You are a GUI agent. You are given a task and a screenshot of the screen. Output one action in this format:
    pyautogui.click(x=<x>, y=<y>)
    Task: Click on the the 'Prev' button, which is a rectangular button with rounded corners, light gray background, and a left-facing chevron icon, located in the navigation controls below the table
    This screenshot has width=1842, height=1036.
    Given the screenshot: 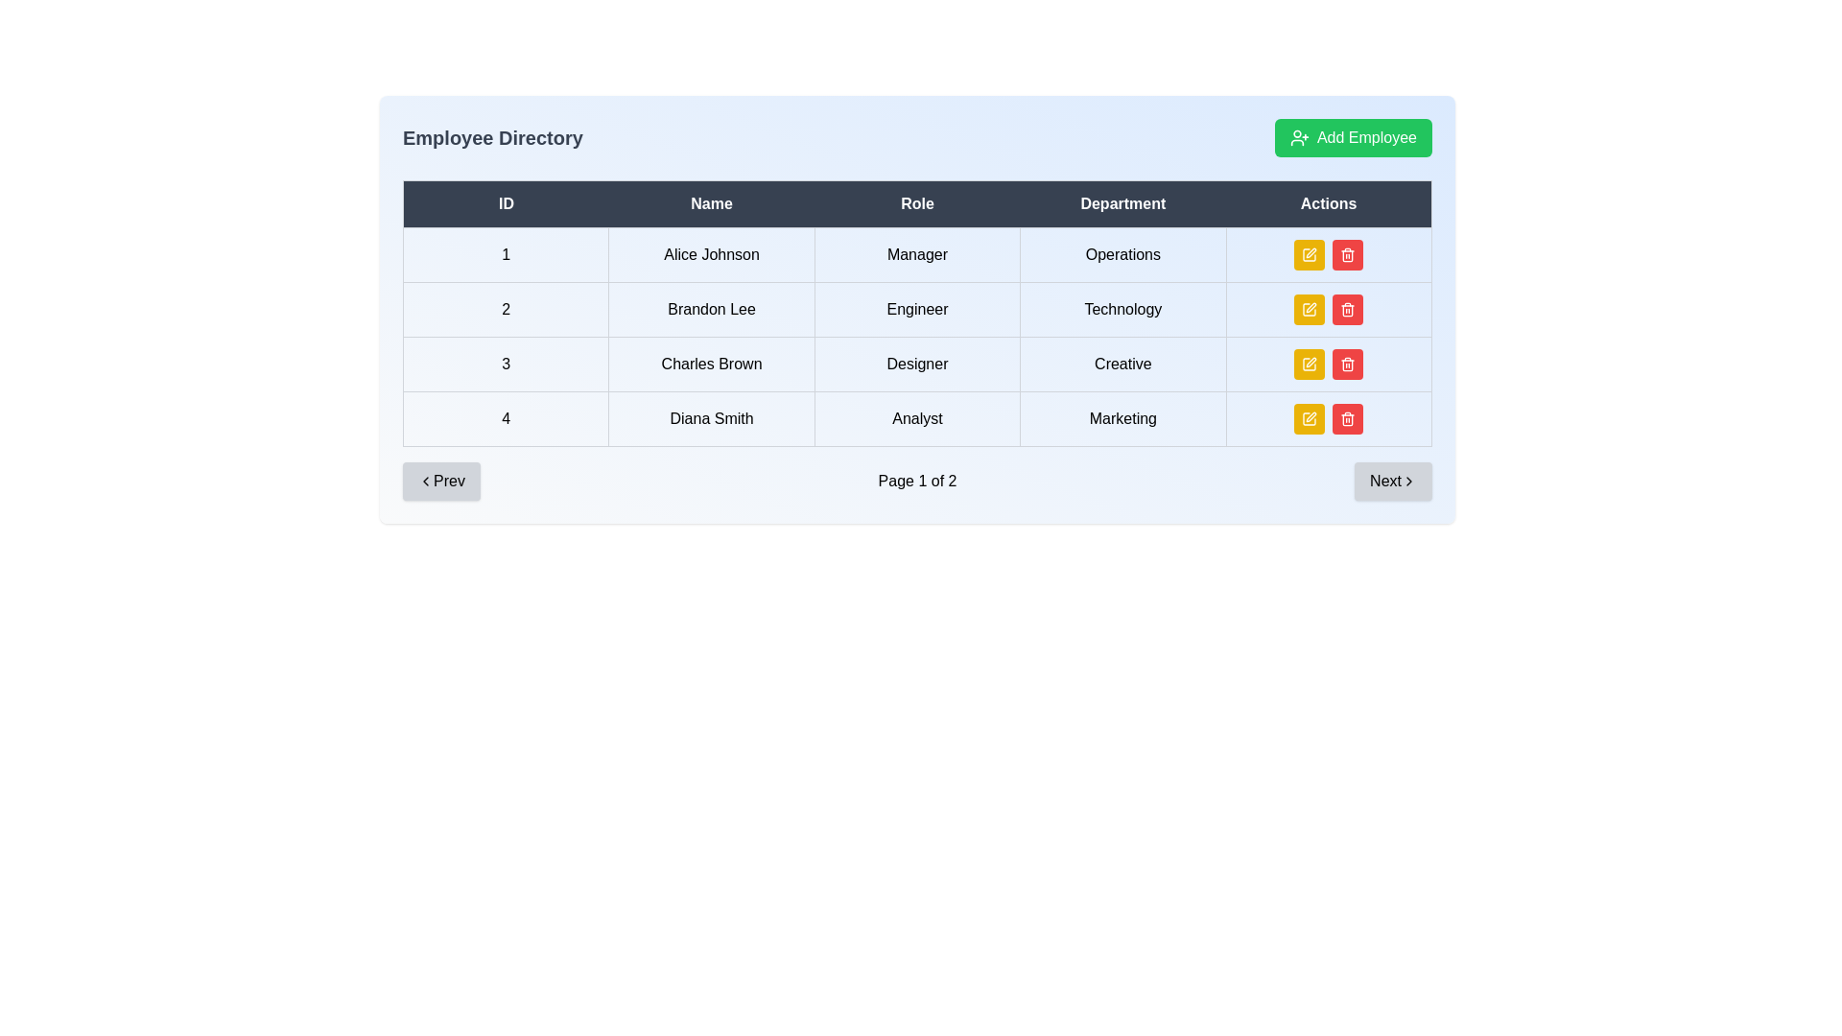 What is the action you would take?
    pyautogui.click(x=440, y=480)
    